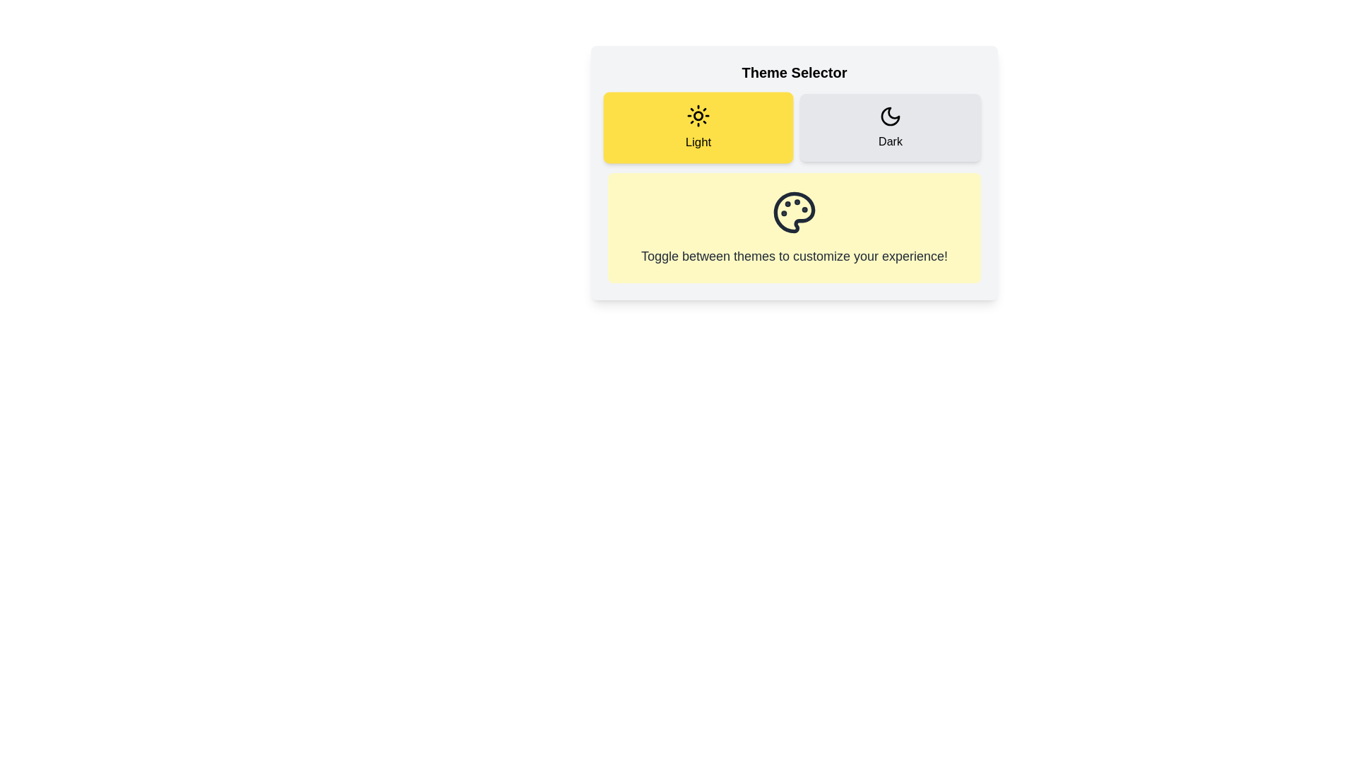 This screenshot has height=763, width=1356. What do you see at coordinates (794, 212) in the screenshot?
I see `the decorative icon that represents the theme customization concept, located centrally above the text 'Toggle between themes to customize your experience!'` at bounding box center [794, 212].